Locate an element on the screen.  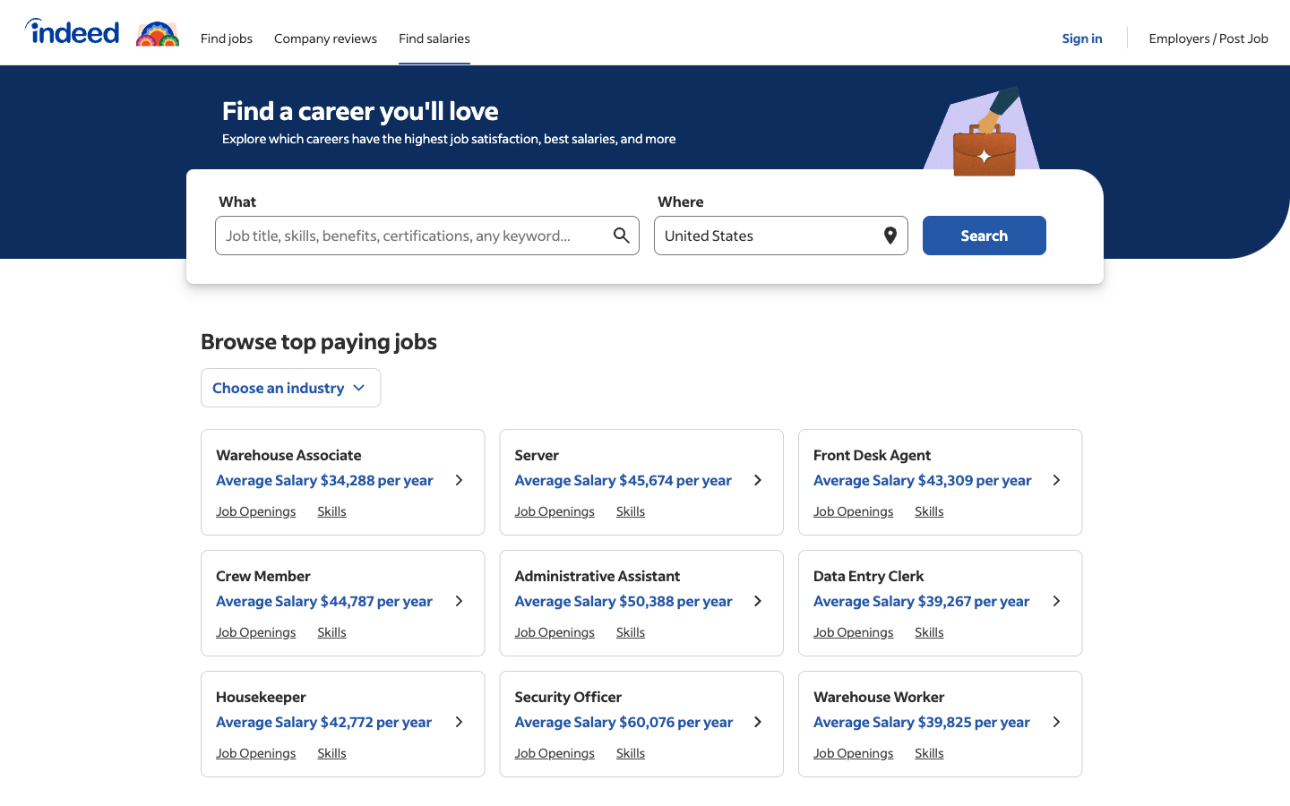
more information about the role of a "Front Desk Agent is located at coordinates (1055, 481).